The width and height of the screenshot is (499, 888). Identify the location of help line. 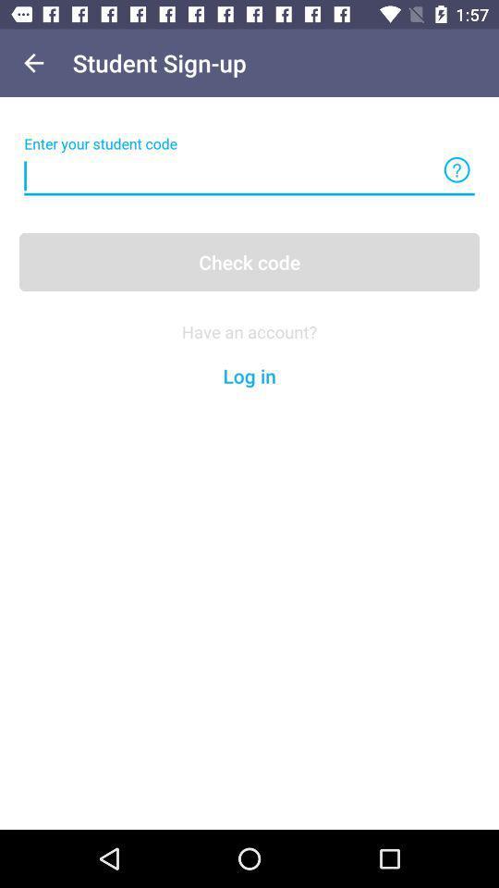
(456, 169).